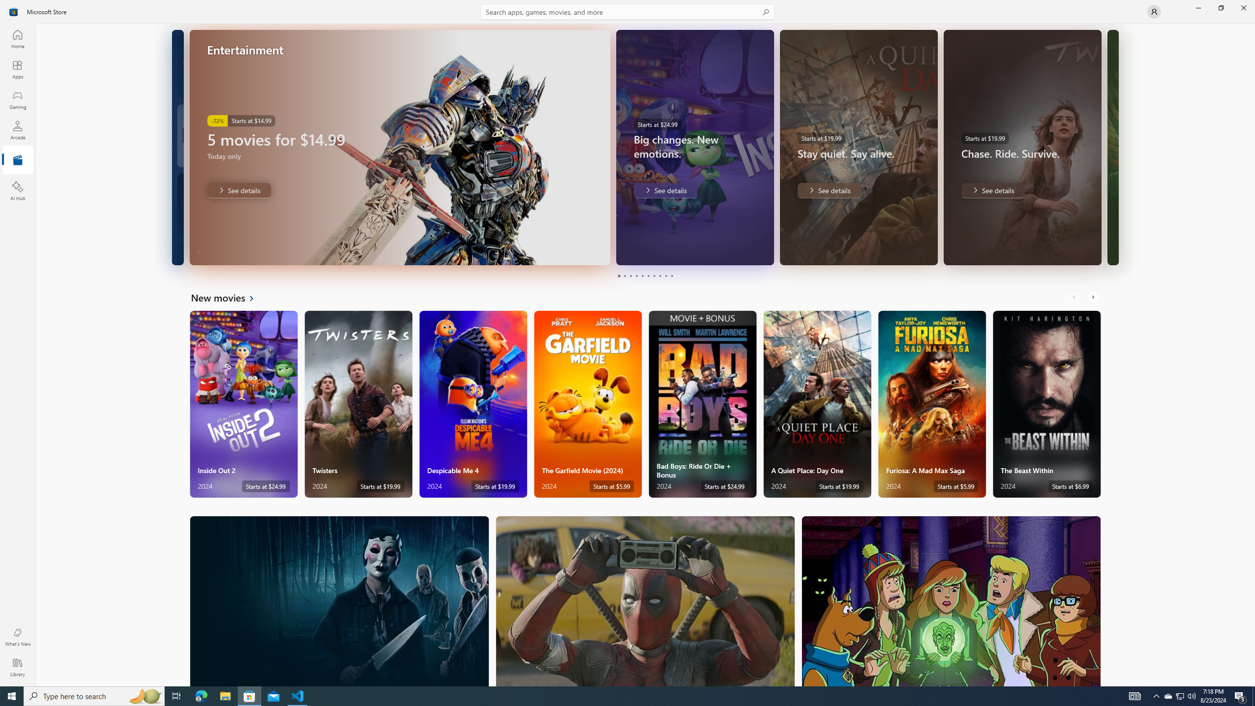 The image size is (1255, 706). I want to click on 'Home', so click(17, 38).